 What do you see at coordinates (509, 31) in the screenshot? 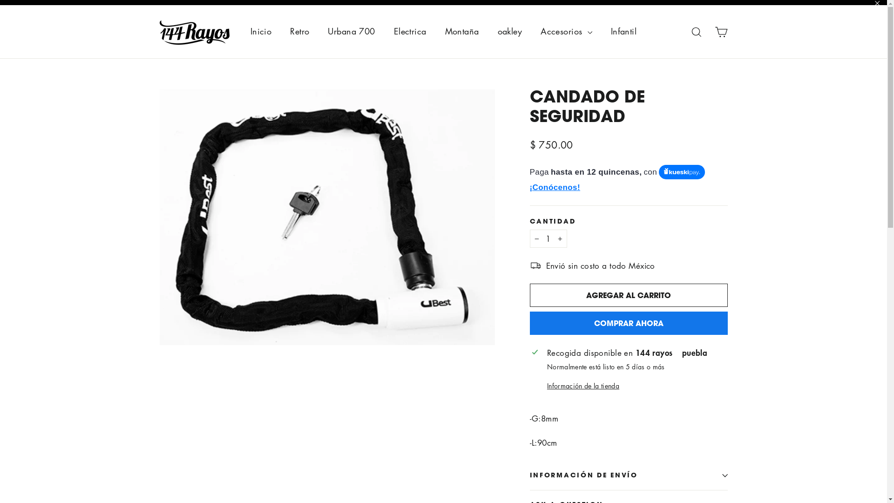
I see `'oakley'` at bounding box center [509, 31].